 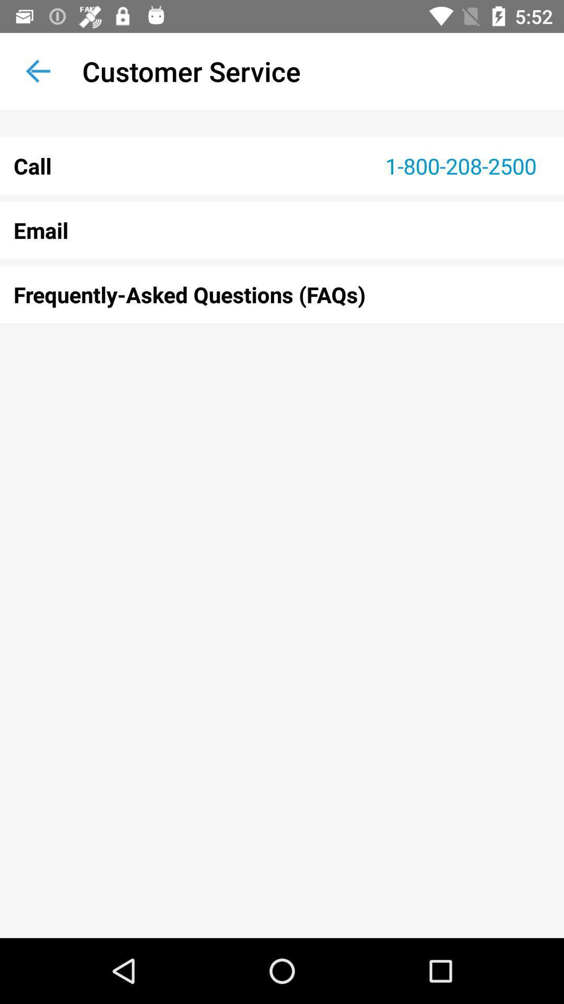 I want to click on the frequently asked questions, so click(x=282, y=294).